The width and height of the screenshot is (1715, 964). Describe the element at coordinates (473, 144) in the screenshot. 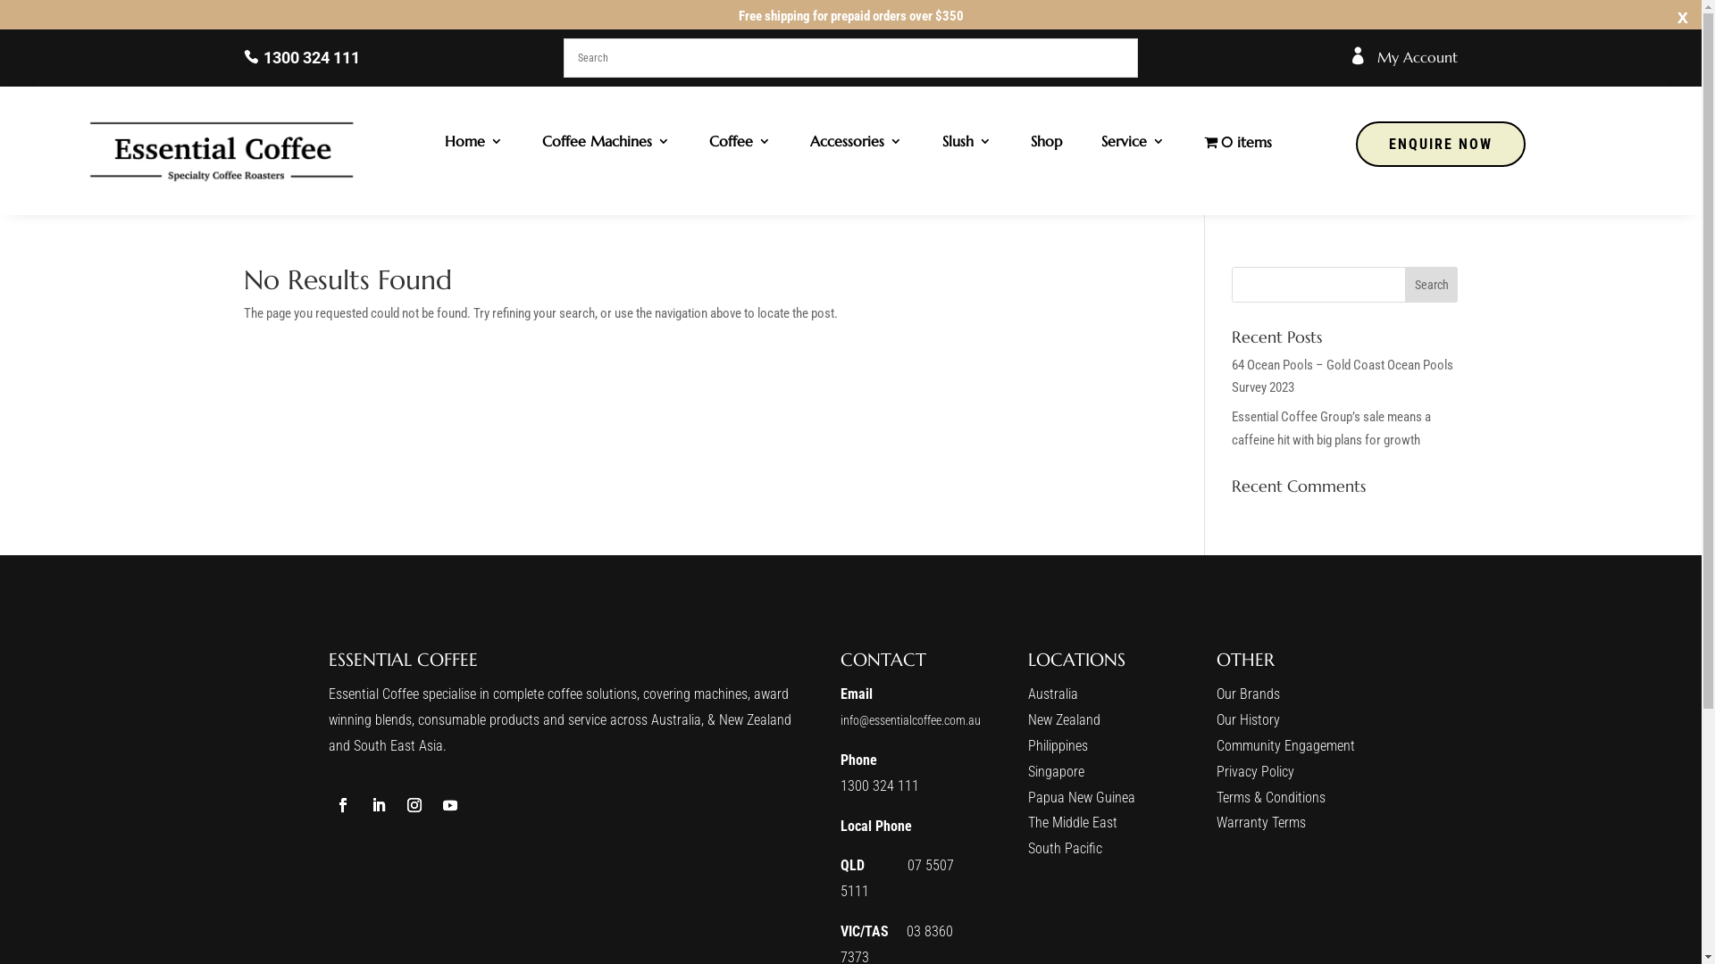

I see `'Home'` at that location.